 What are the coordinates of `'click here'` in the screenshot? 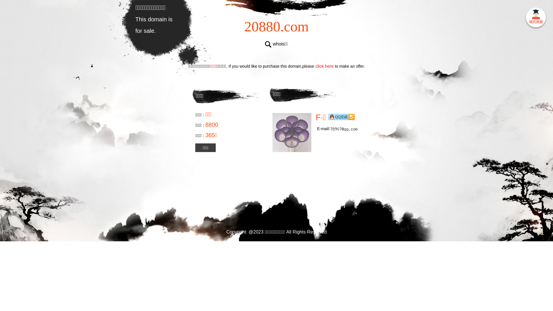 It's located at (325, 66).